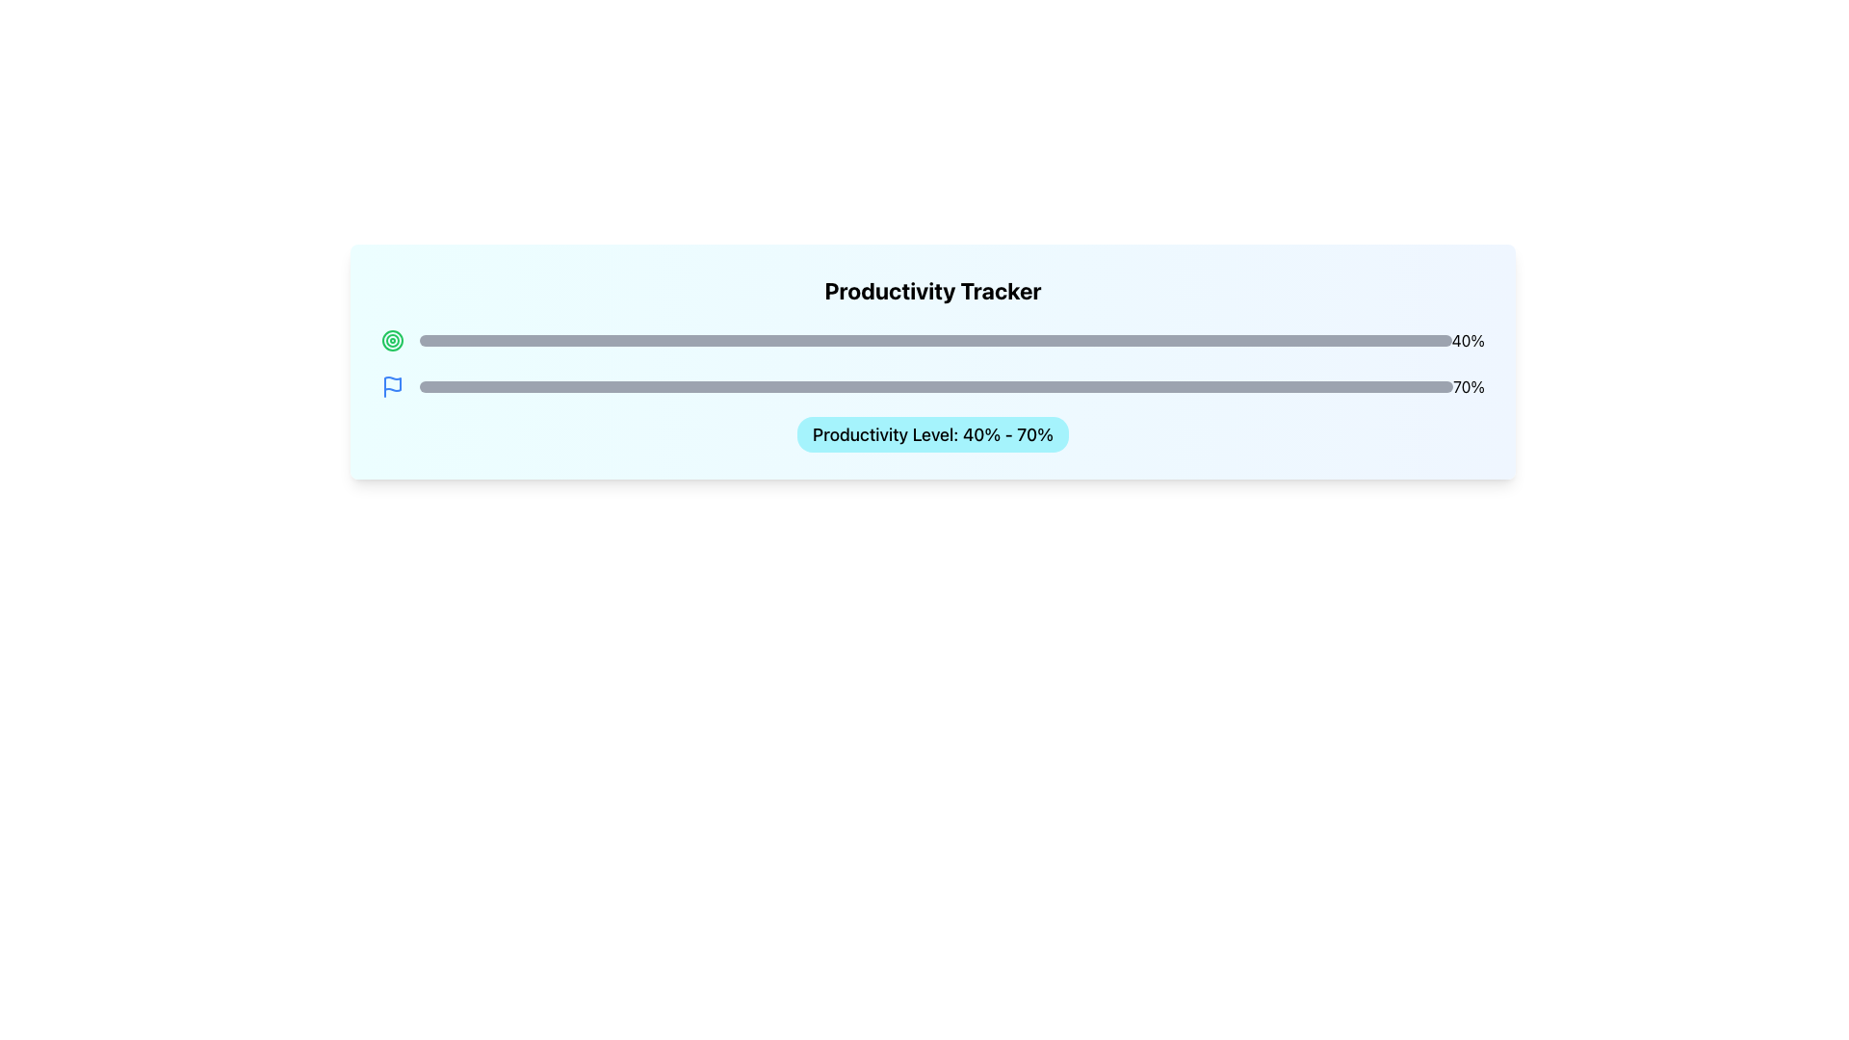  What do you see at coordinates (392, 340) in the screenshot?
I see `the second concentric circle of the bullseye target design icon located near the left side of the productivity tracker interface` at bounding box center [392, 340].